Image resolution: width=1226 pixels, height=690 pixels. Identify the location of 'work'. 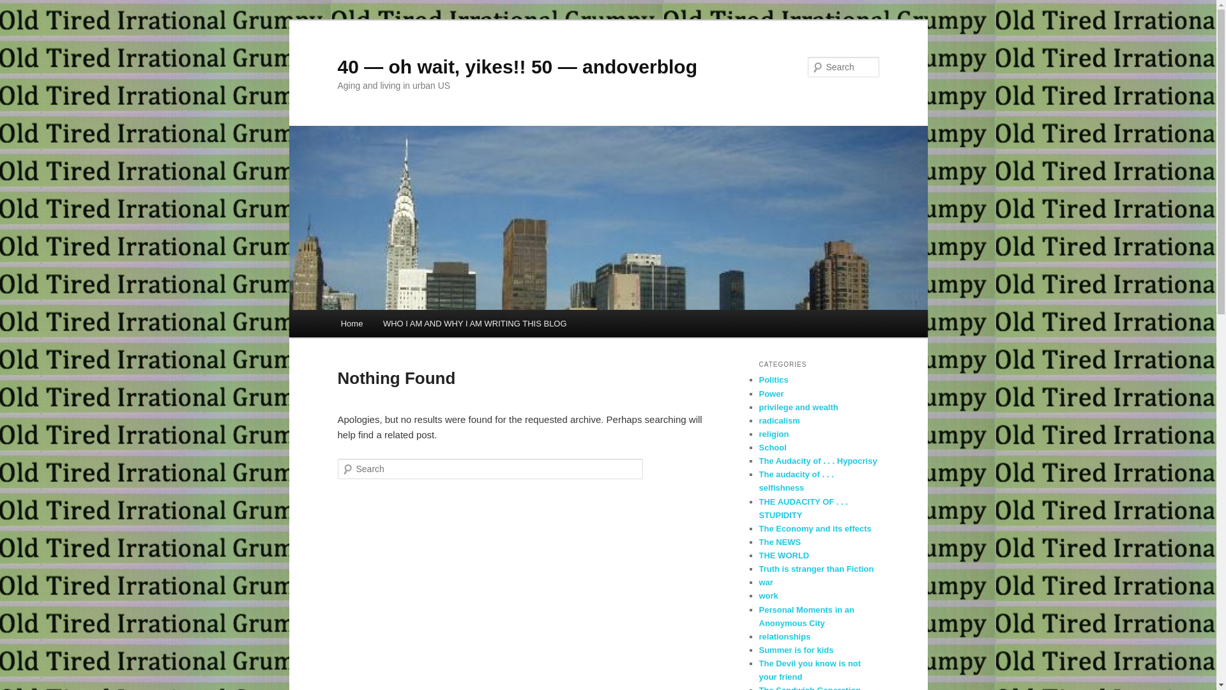
(768, 595).